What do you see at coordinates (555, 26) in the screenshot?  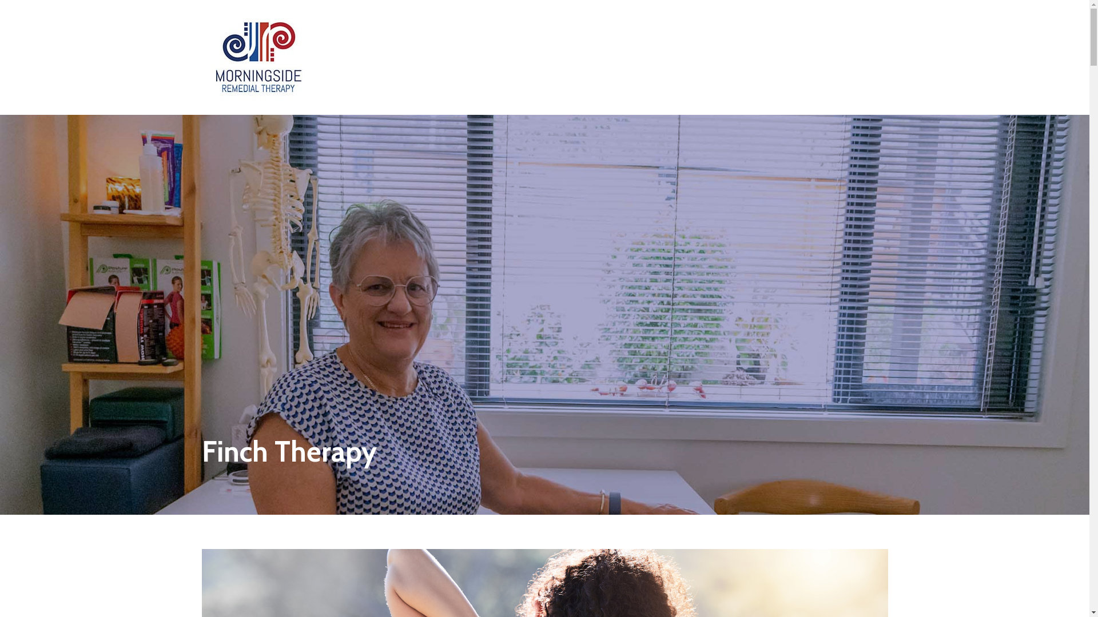 I see `'ABOUT'` at bounding box center [555, 26].